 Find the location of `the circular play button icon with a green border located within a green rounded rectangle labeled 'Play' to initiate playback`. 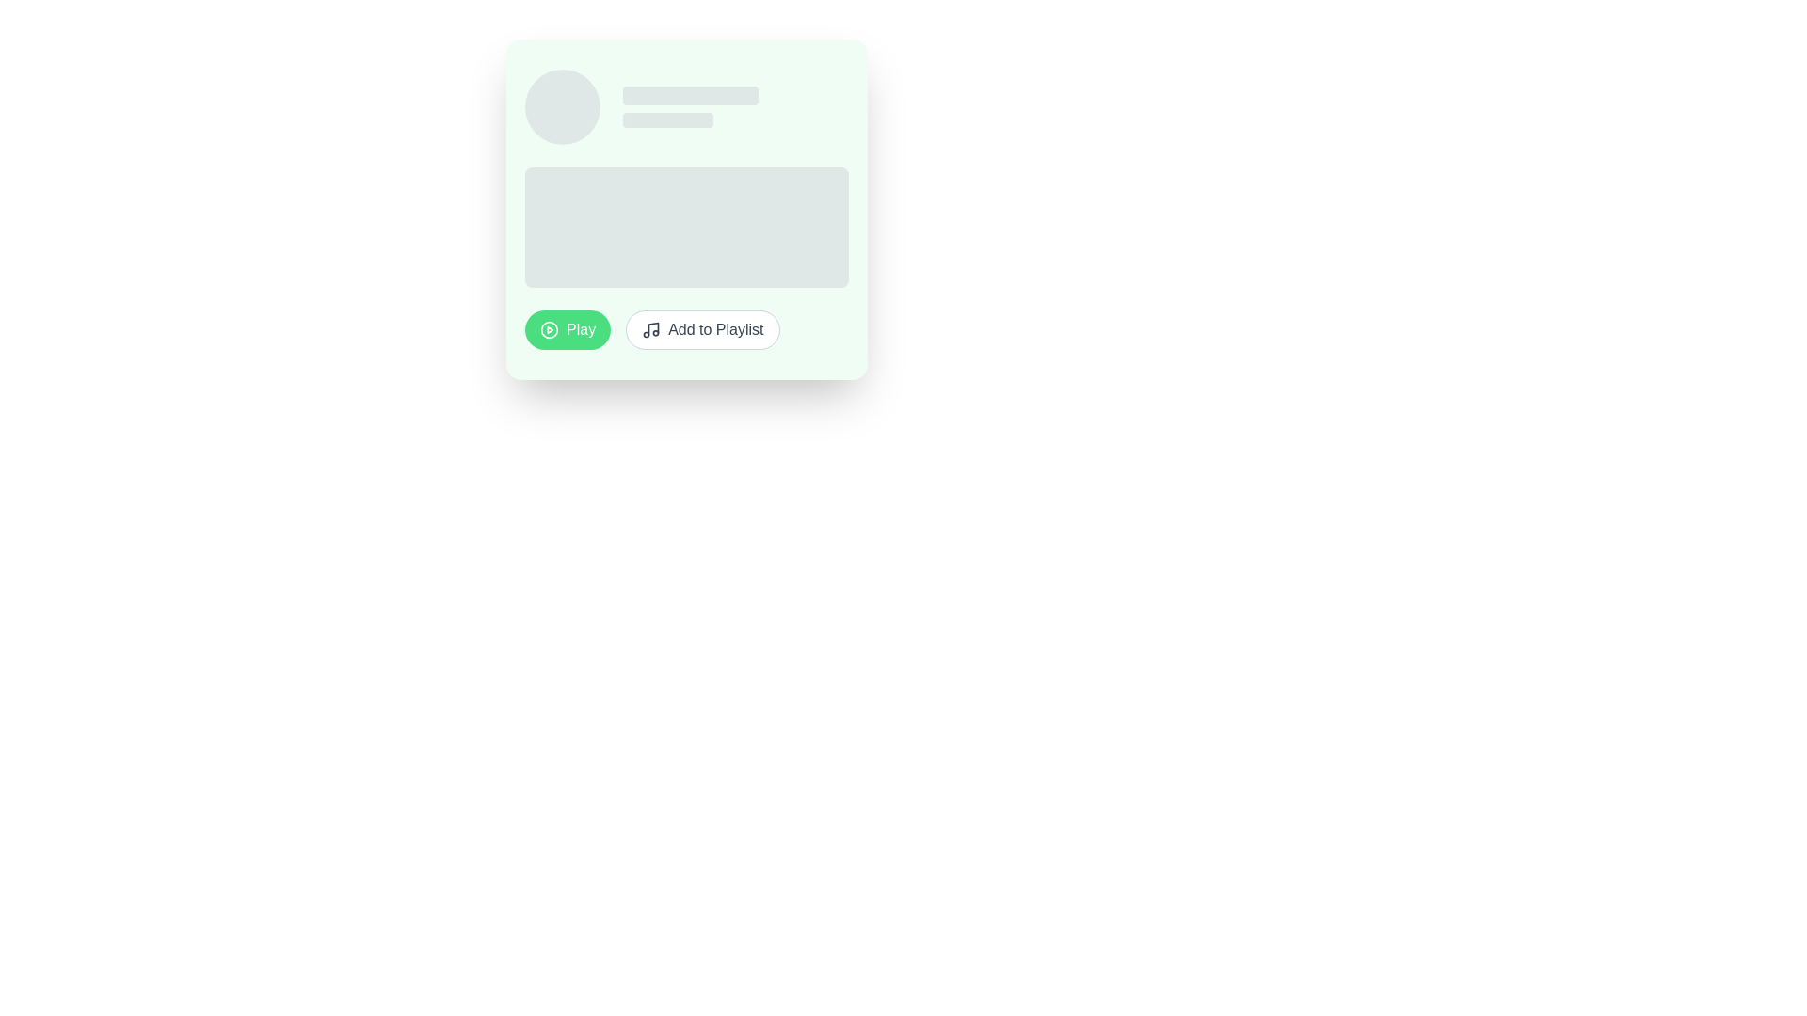

the circular play button icon with a green border located within a green rounded rectangle labeled 'Play' to initiate playback is located at coordinates (549, 329).